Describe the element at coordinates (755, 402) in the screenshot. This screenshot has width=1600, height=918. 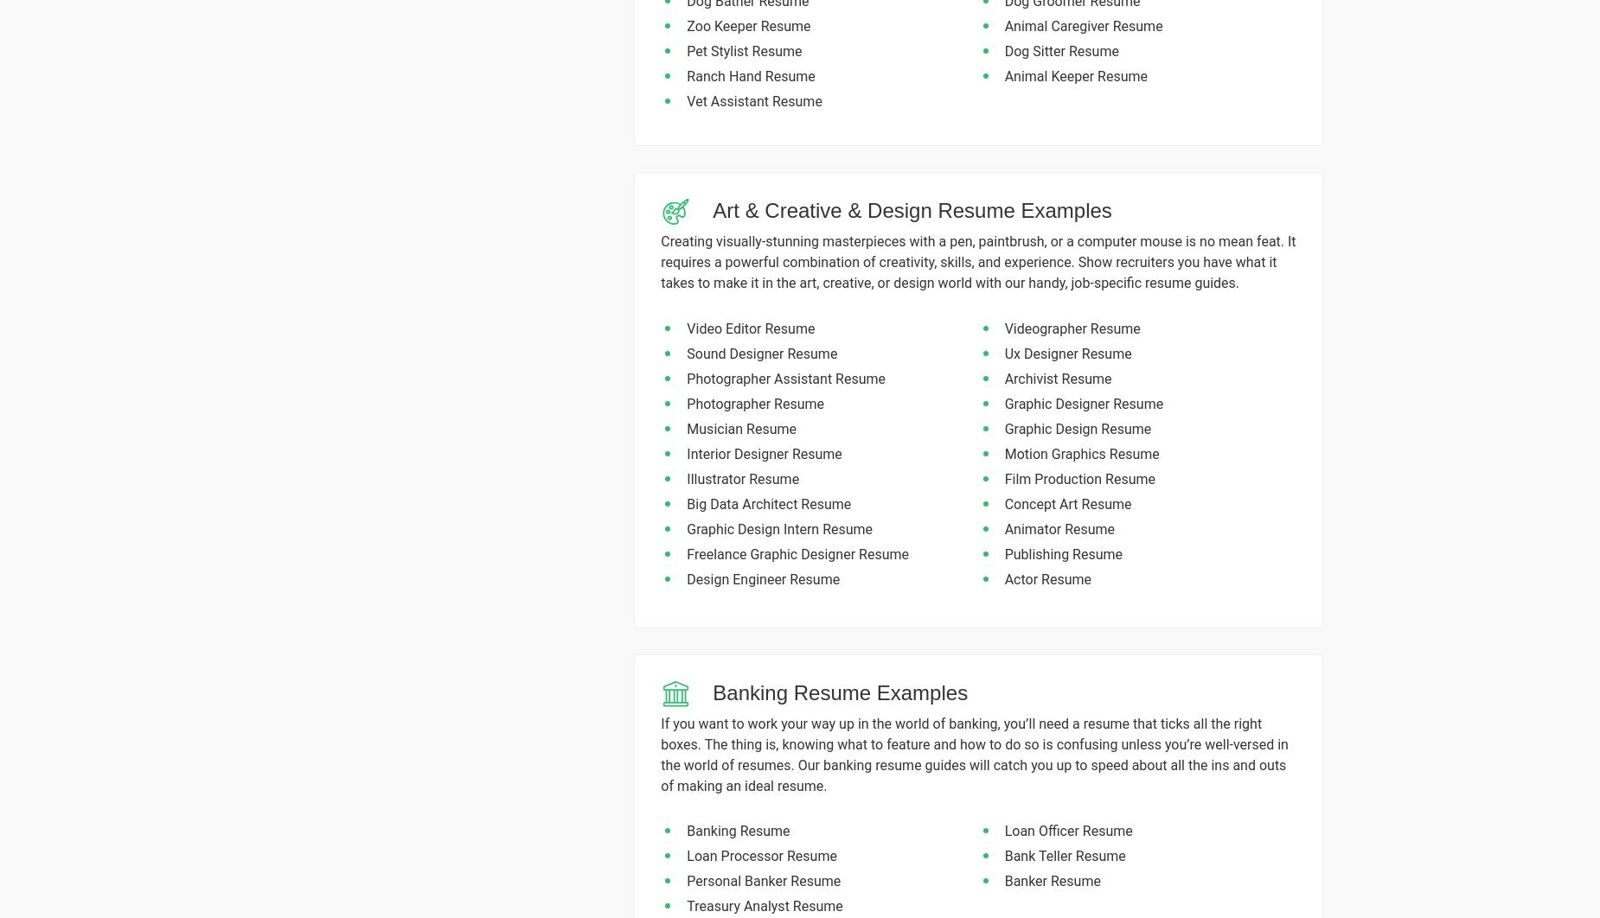
I see `'Photographer Resume'` at that location.